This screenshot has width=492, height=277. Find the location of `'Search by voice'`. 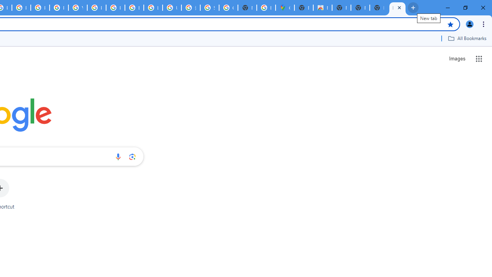

'Search by voice' is located at coordinates (118, 156).